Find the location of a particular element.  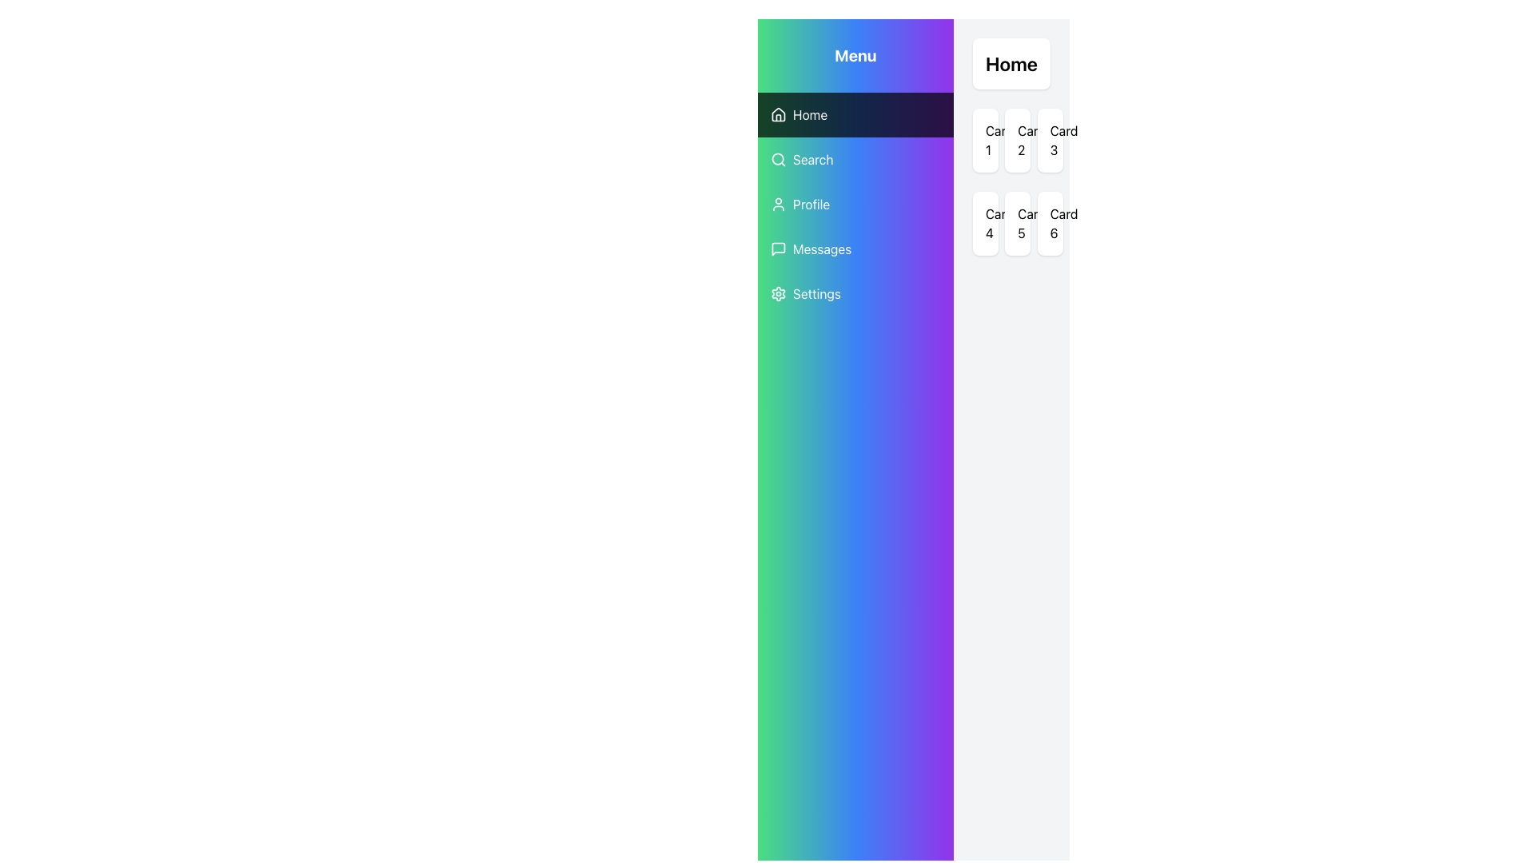

the circular part of the magnifying glass icon in the left sidebar navigation menu, which indicates the search functionality is located at coordinates (778, 159).